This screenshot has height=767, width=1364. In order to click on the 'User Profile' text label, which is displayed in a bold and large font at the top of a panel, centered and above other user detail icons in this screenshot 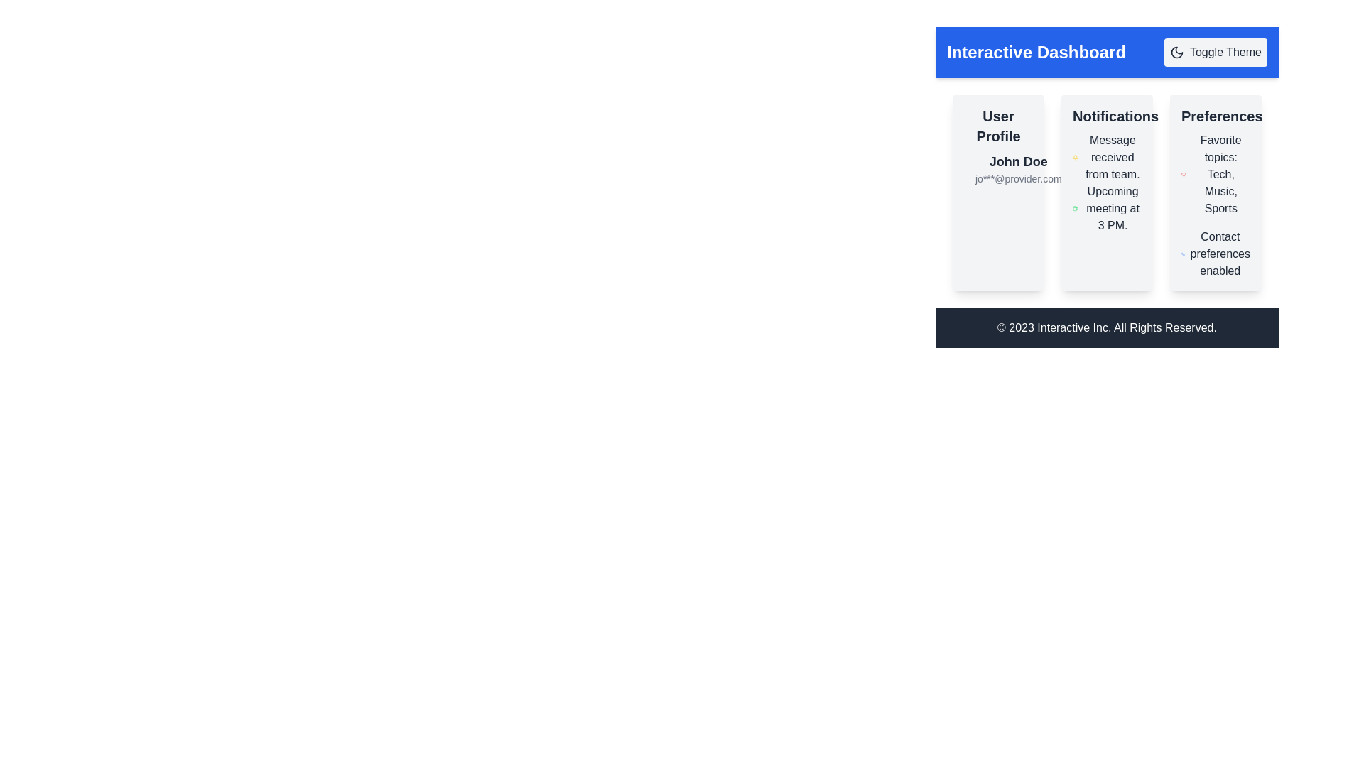, I will do `click(997, 125)`.